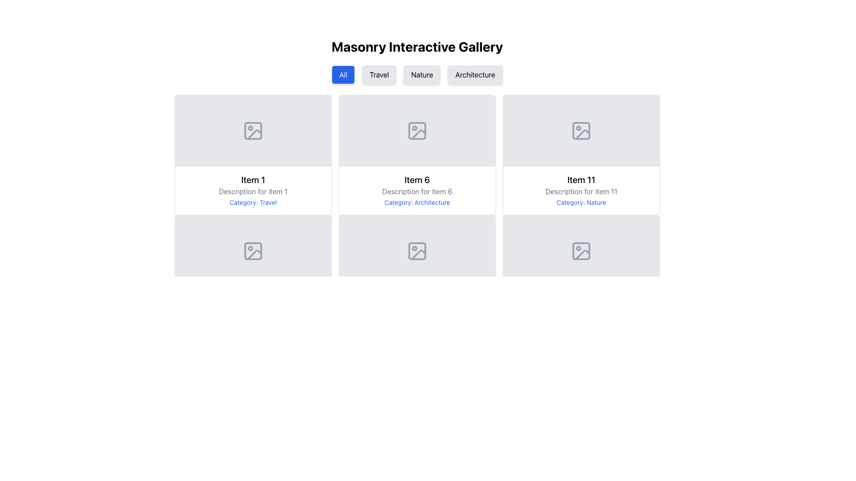 The image size is (856, 481). I want to click on the image placeholder located at the top-central part of the item display card for 'Item 6', so click(417, 130).